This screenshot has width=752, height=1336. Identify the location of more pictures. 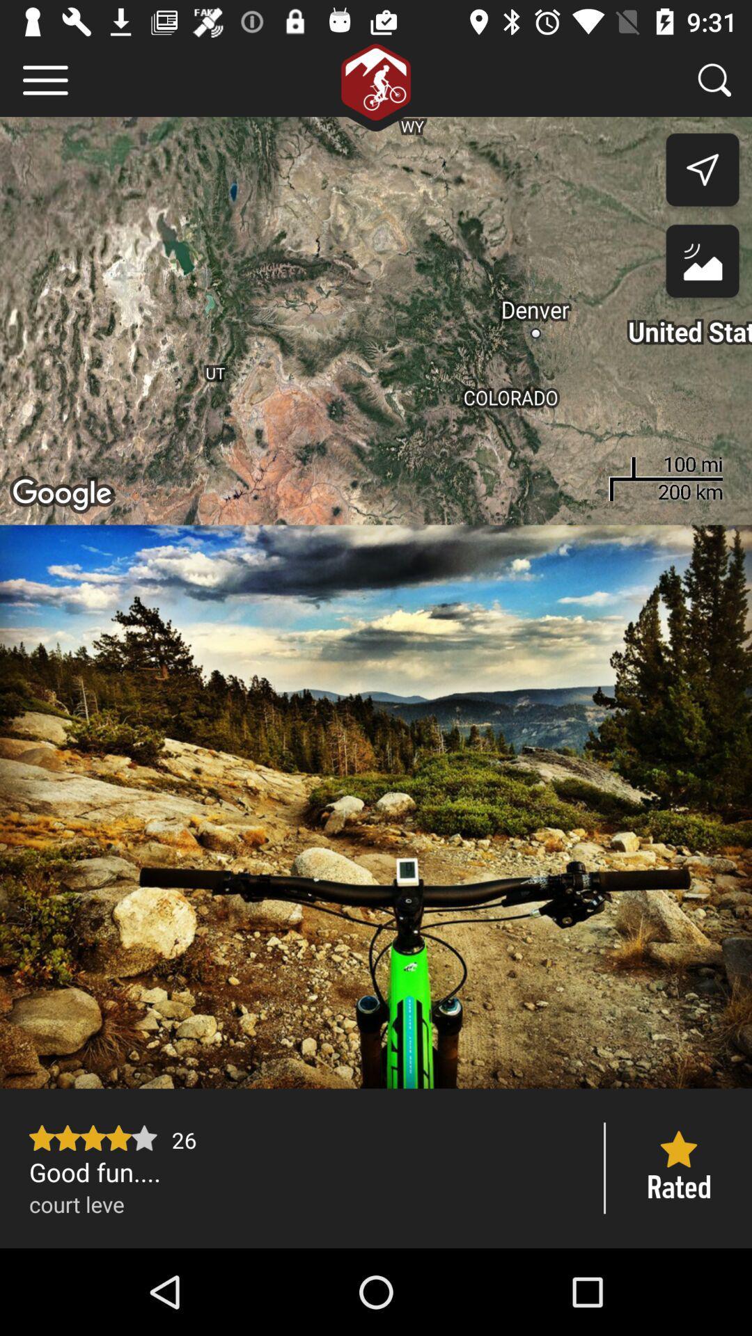
(376, 806).